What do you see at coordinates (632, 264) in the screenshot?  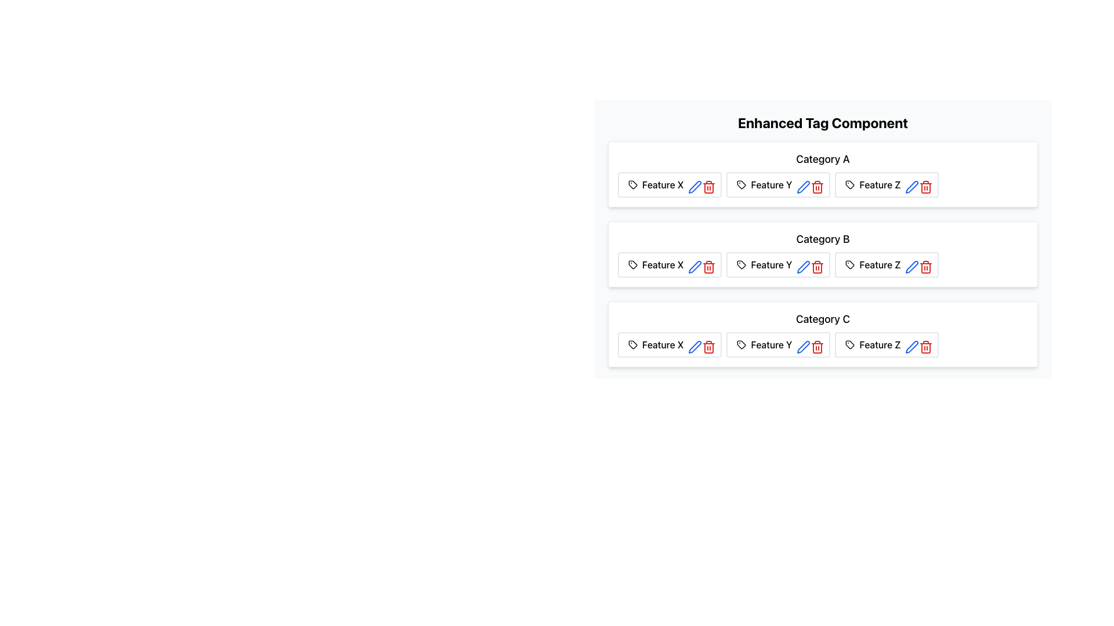 I see `the tagging icon within the horizontal button group with a purple border in 'Category B'` at bounding box center [632, 264].